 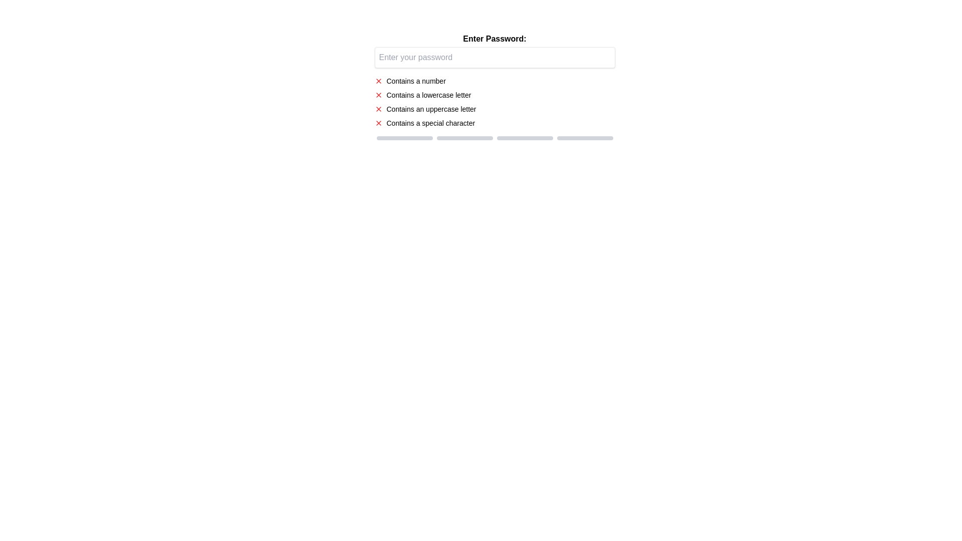 I want to click on text element displaying 'Contains an uppercase letter', which is the third item in the password criteria checklist, so click(x=431, y=109).